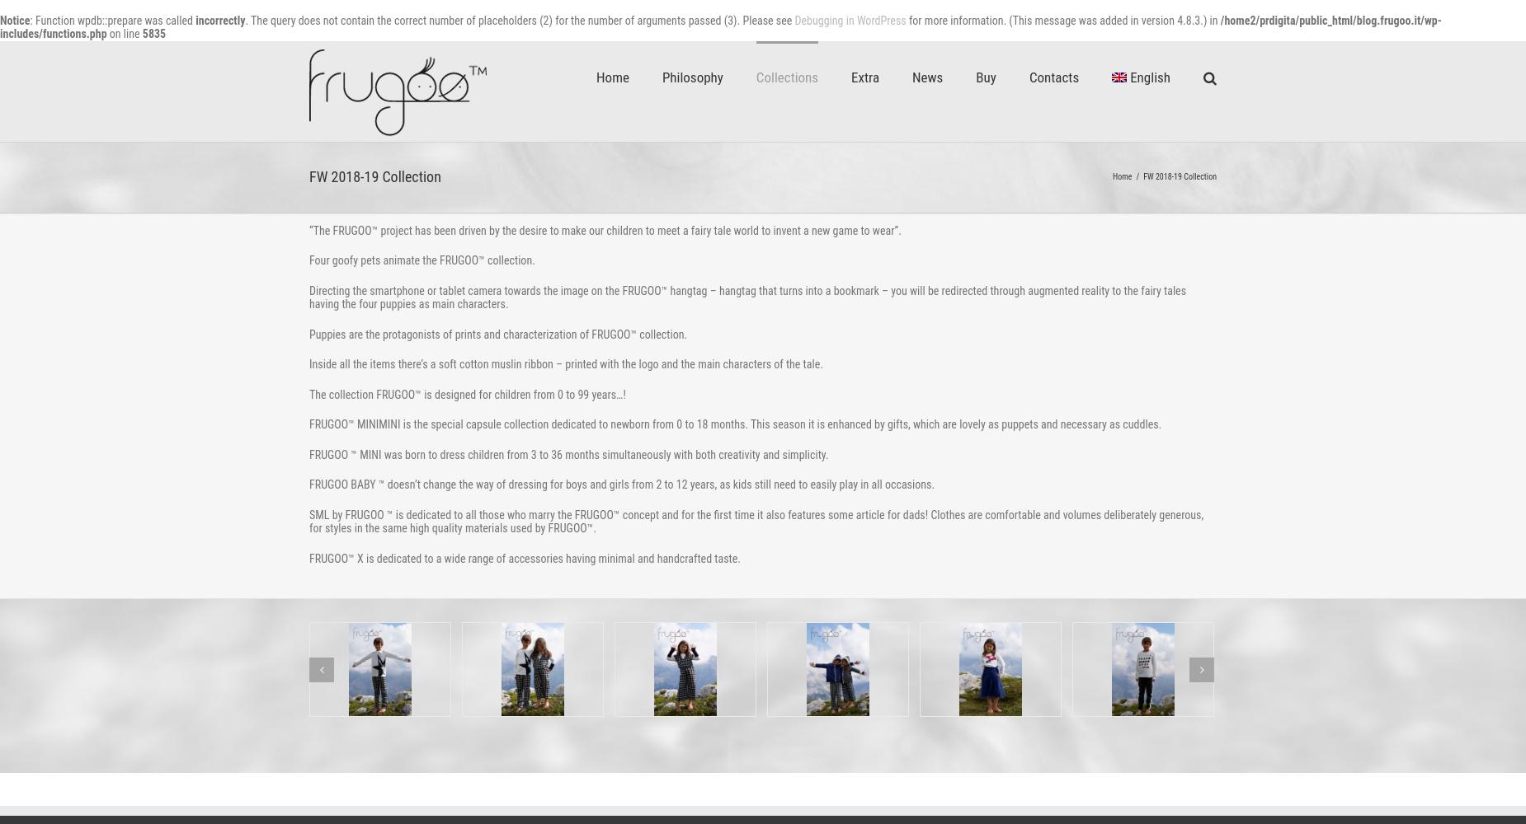 The width and height of the screenshot is (1526, 824). What do you see at coordinates (849, 20) in the screenshot?
I see `'Debugging in WordPress'` at bounding box center [849, 20].